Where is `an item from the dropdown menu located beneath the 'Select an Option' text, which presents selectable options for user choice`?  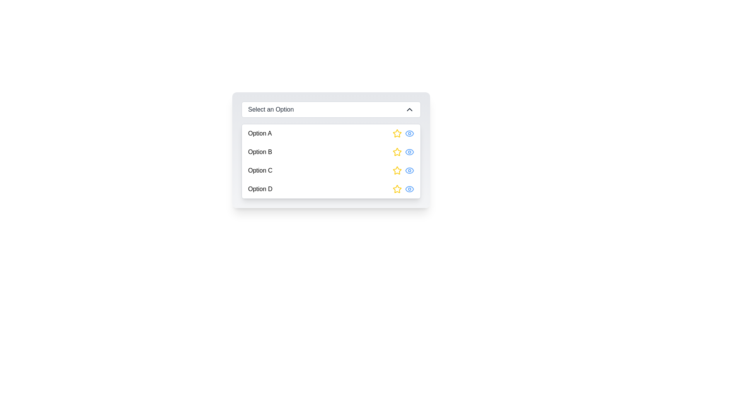 an item from the dropdown menu located beneath the 'Select an Option' text, which presents selectable options for user choice is located at coordinates (331, 161).